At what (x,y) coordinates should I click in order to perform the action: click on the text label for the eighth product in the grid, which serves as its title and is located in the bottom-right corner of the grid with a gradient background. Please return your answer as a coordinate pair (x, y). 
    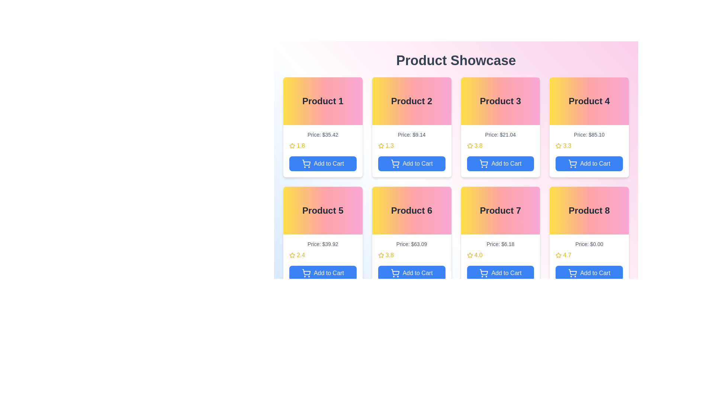
    Looking at the image, I should click on (589, 211).